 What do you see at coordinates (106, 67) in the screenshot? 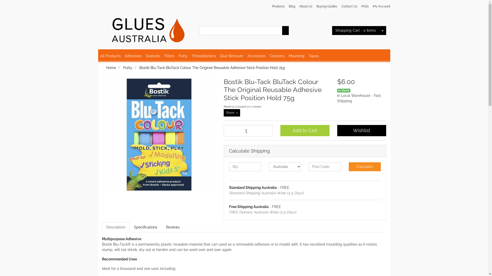
I see `'Home'` at bounding box center [106, 67].